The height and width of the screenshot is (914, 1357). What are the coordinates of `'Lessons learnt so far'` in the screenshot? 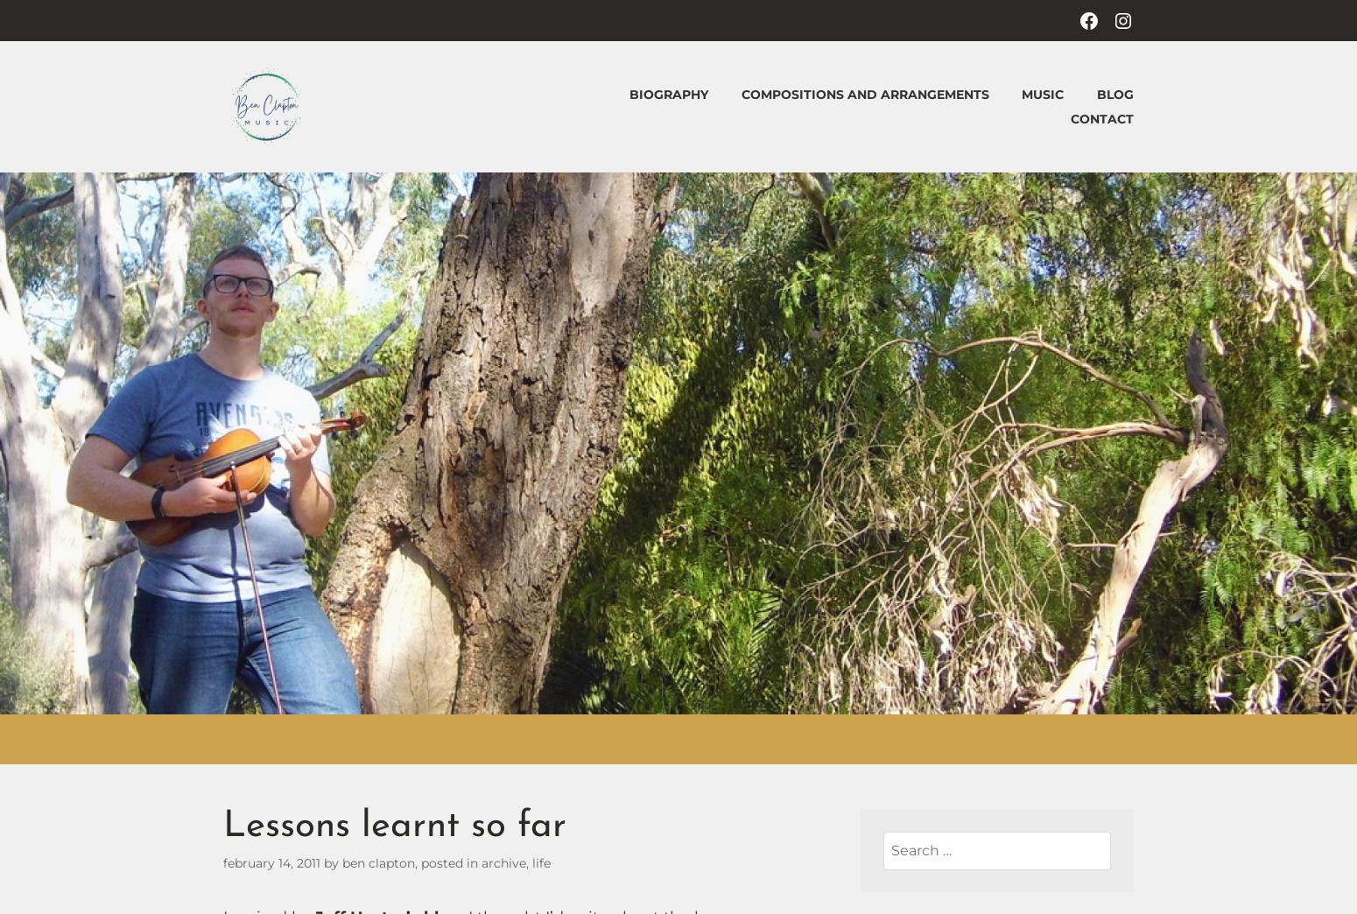 It's located at (395, 826).